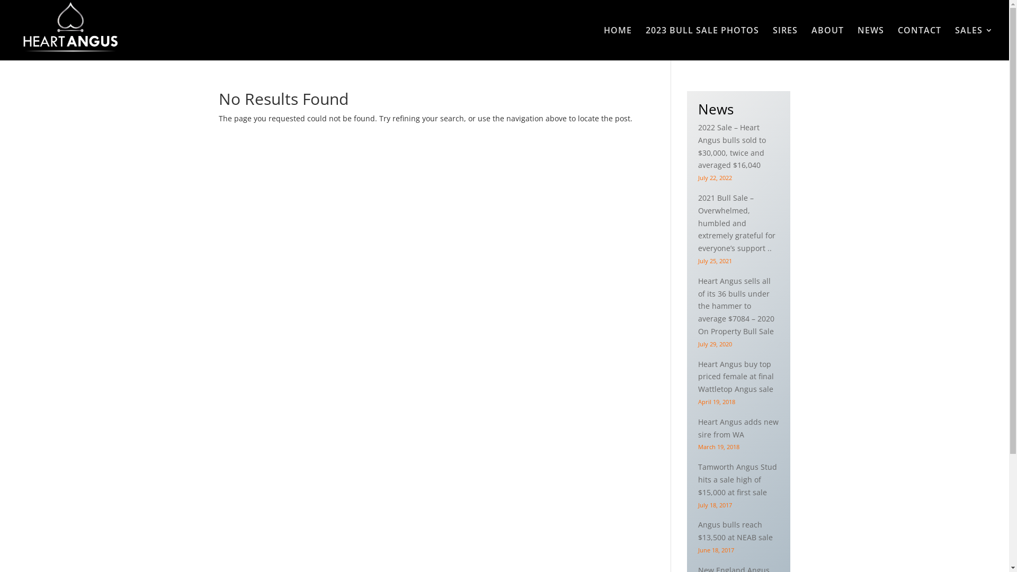 This screenshot has width=1017, height=572. I want to click on 'Angus bulls reach $13,500 at NEAB sale', so click(698, 531).